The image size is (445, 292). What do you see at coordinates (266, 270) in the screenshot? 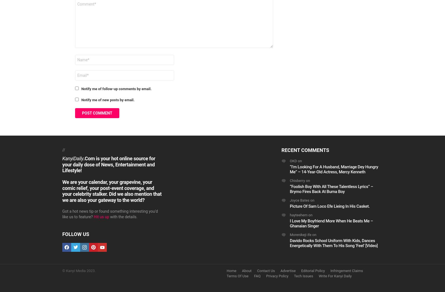
I see `'Contact Us'` at bounding box center [266, 270].